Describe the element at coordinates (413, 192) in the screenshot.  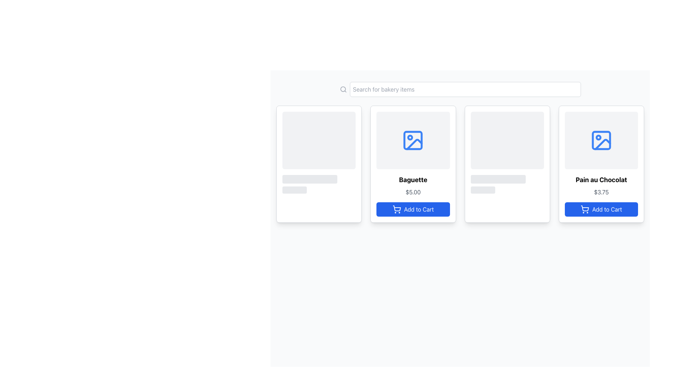
I see `the text label displaying '$5.00' located below the title 'Baguette' in the product listing card` at that location.